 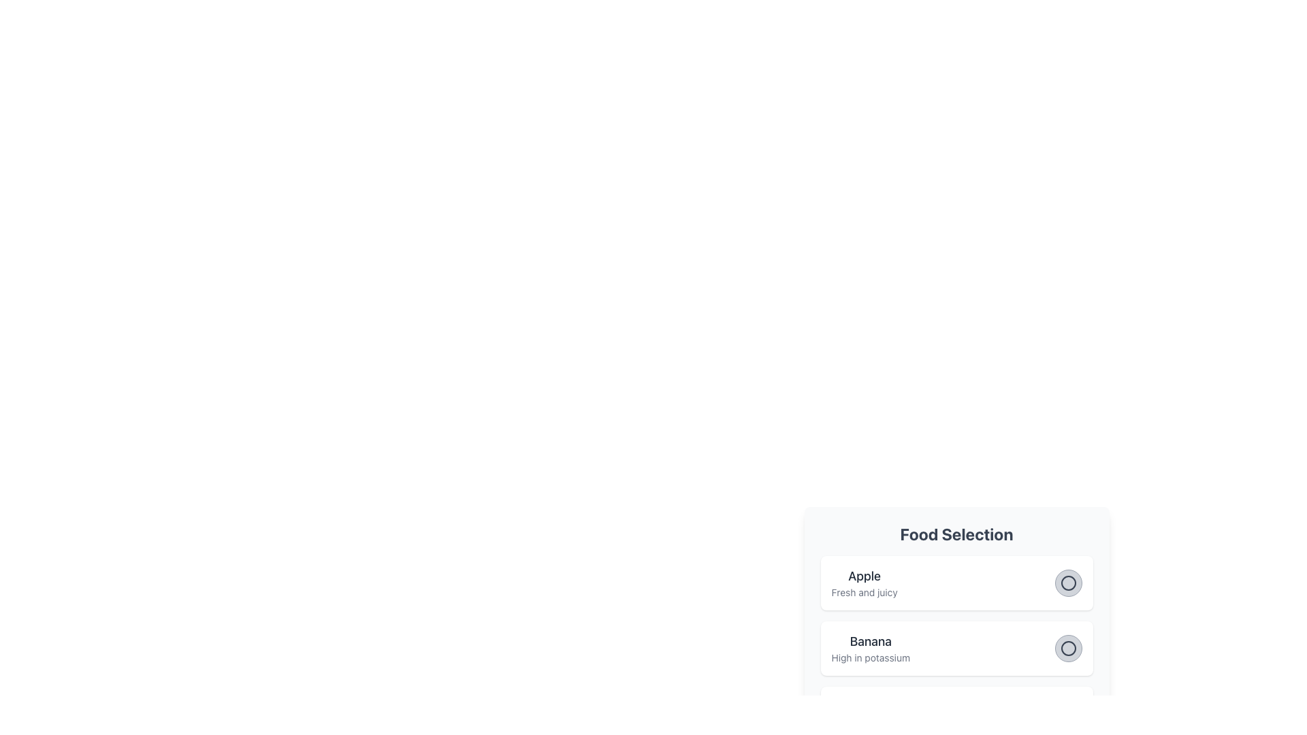 I want to click on the decorative element of the radio button located to the right of the text 'Banana' in the food selection list, so click(x=1067, y=647).